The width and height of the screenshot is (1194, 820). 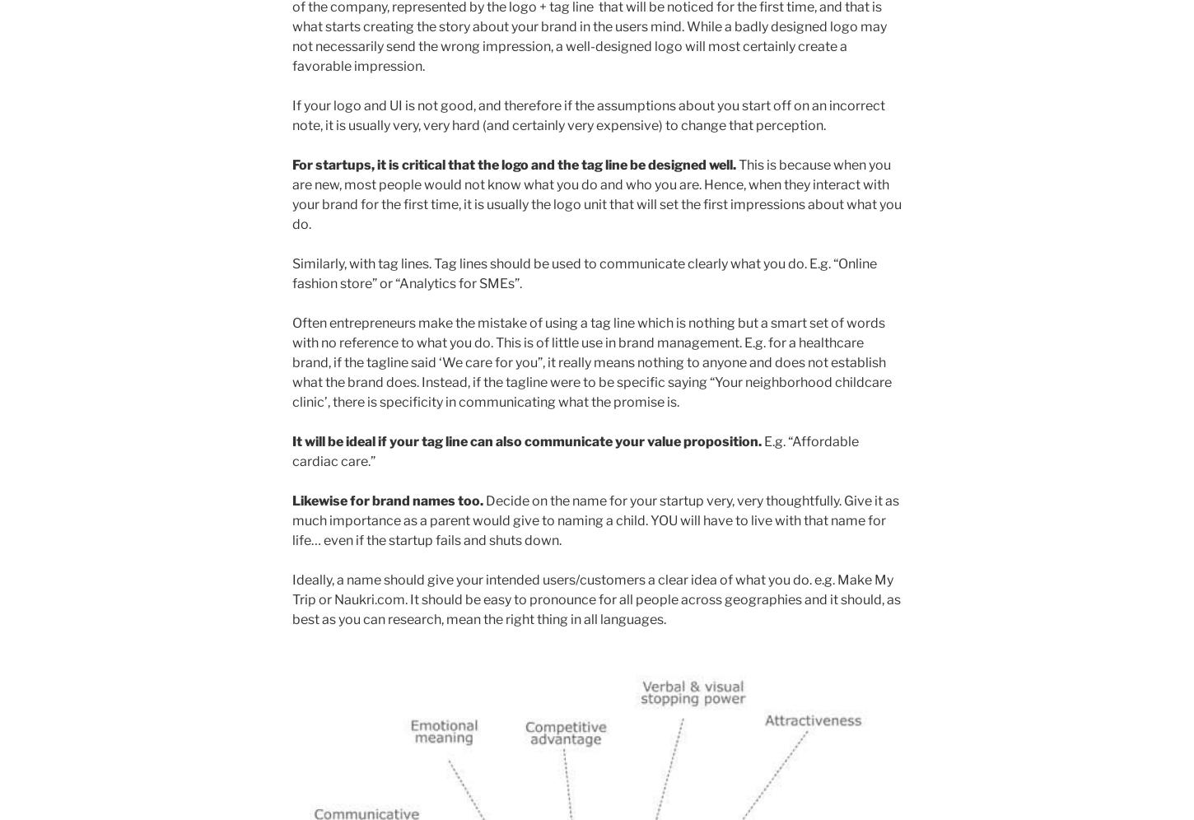 What do you see at coordinates (595, 598) in the screenshot?
I see `'Ideally, a name should give your intended users/customers a clear idea of what you do. e.g. Make My Trip or Naukri.com. It should be easy to pronounce for all people across geographies and it should, as best as you can research, mean the right thing in all languages.'` at bounding box center [595, 598].